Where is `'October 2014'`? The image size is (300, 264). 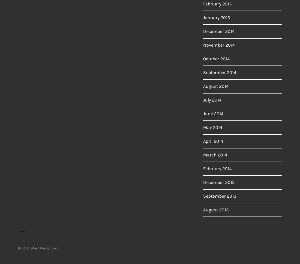 'October 2014' is located at coordinates (216, 59).